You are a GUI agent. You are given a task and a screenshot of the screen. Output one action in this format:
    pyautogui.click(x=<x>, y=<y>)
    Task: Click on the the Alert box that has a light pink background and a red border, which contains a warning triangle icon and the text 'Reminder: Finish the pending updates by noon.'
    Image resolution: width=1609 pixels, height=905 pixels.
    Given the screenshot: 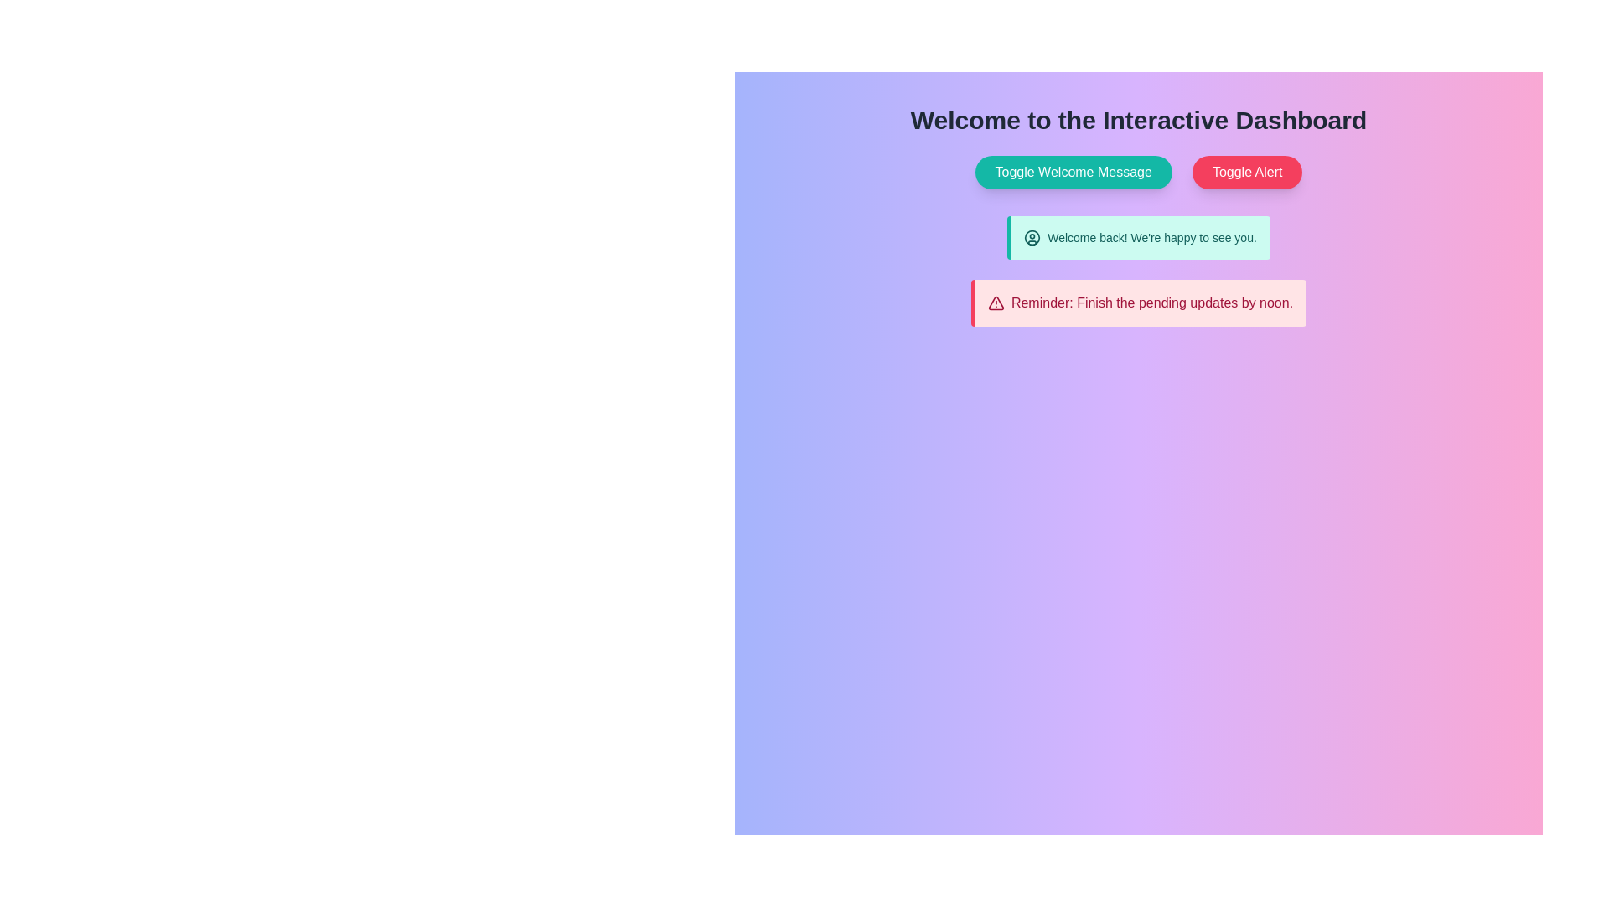 What is the action you would take?
    pyautogui.click(x=1138, y=303)
    